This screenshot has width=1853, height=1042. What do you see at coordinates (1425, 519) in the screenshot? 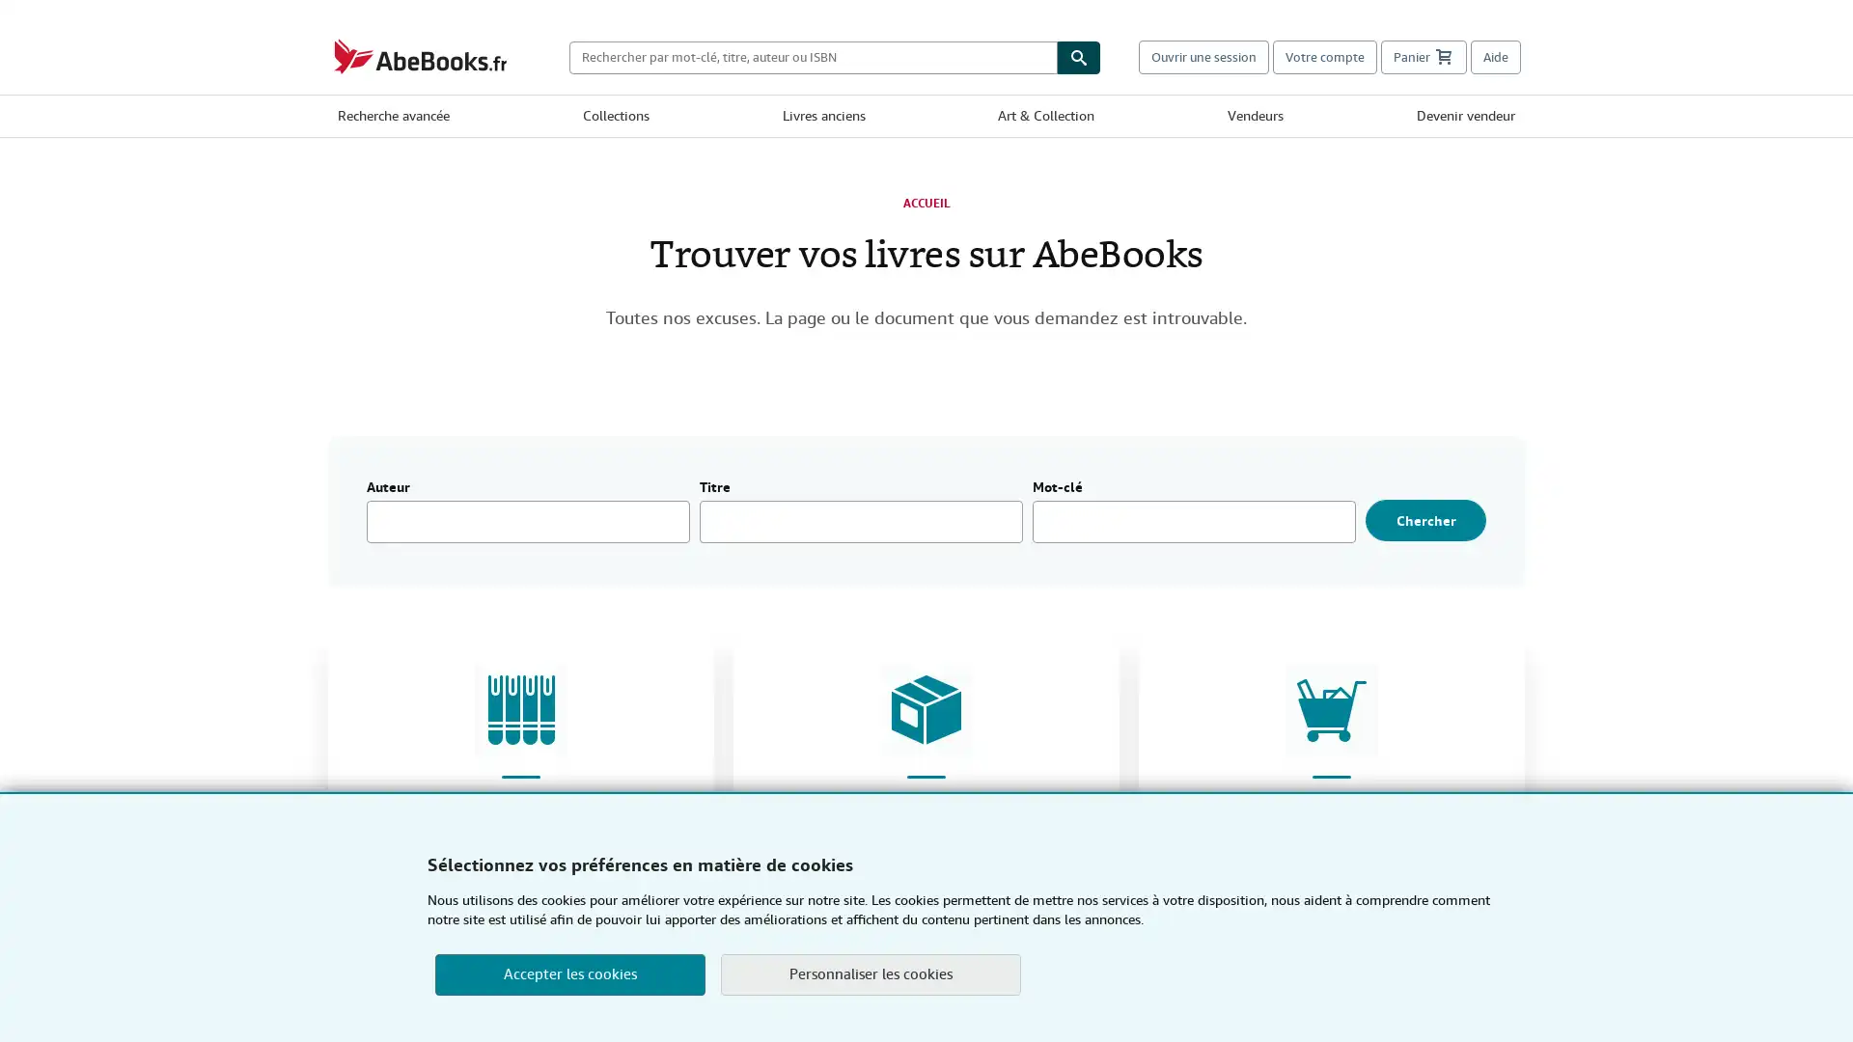
I see `Chercher` at bounding box center [1425, 519].